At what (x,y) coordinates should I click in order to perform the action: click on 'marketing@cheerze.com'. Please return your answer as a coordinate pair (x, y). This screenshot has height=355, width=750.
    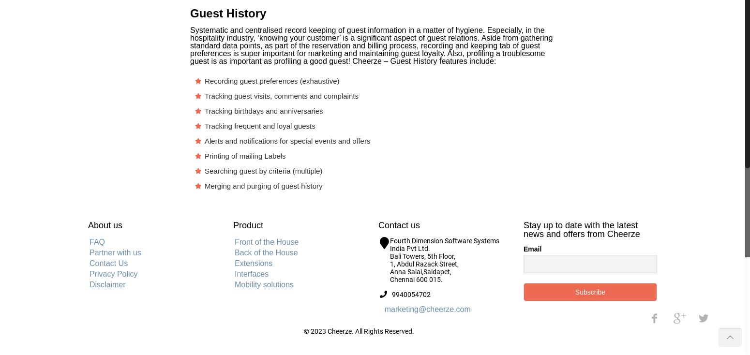
    Looking at the image, I should click on (384, 309).